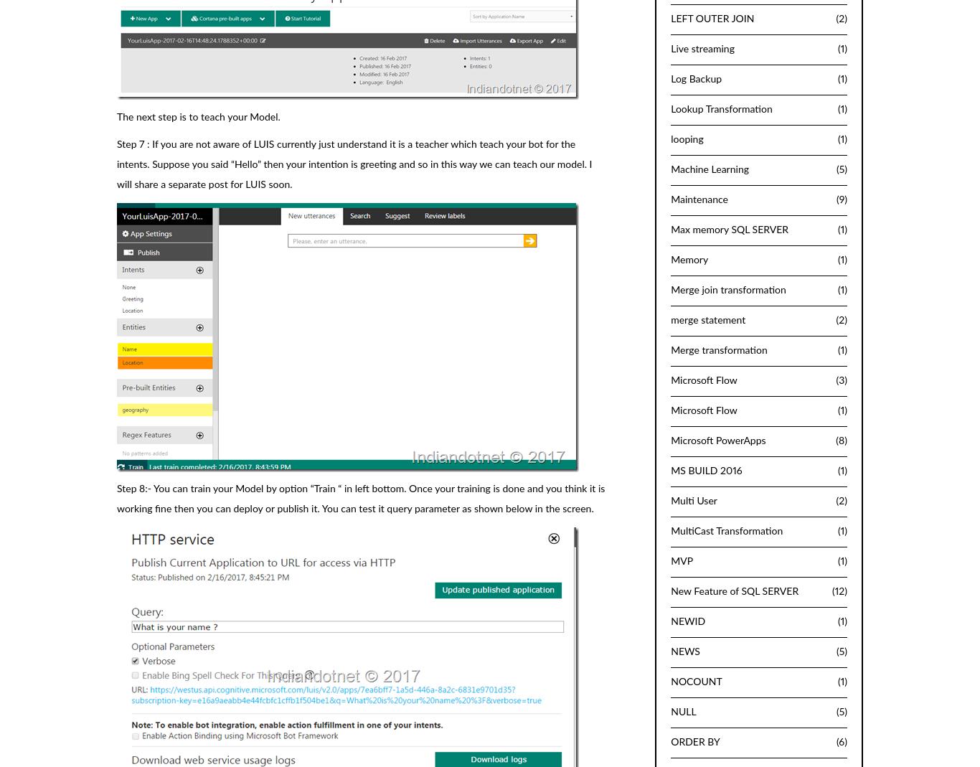 Image resolution: width=980 pixels, height=767 pixels. Describe the element at coordinates (727, 289) in the screenshot. I see `'Merge join transformation'` at that location.